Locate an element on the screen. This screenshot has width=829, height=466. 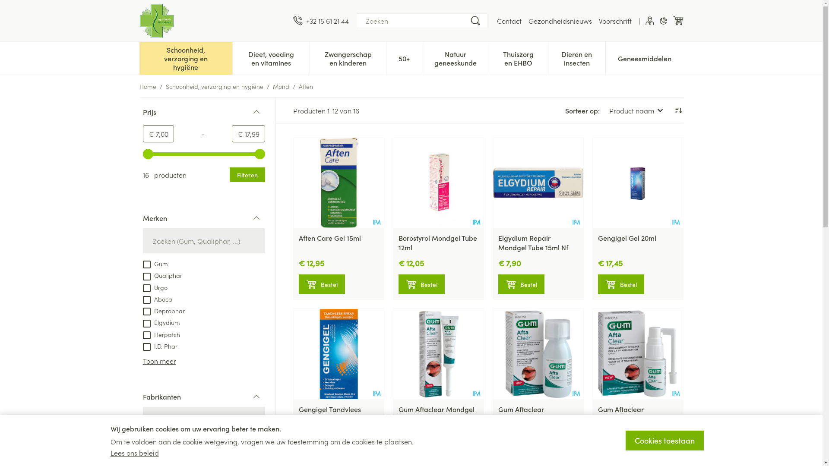
'Aboca' is located at coordinates (157, 298).